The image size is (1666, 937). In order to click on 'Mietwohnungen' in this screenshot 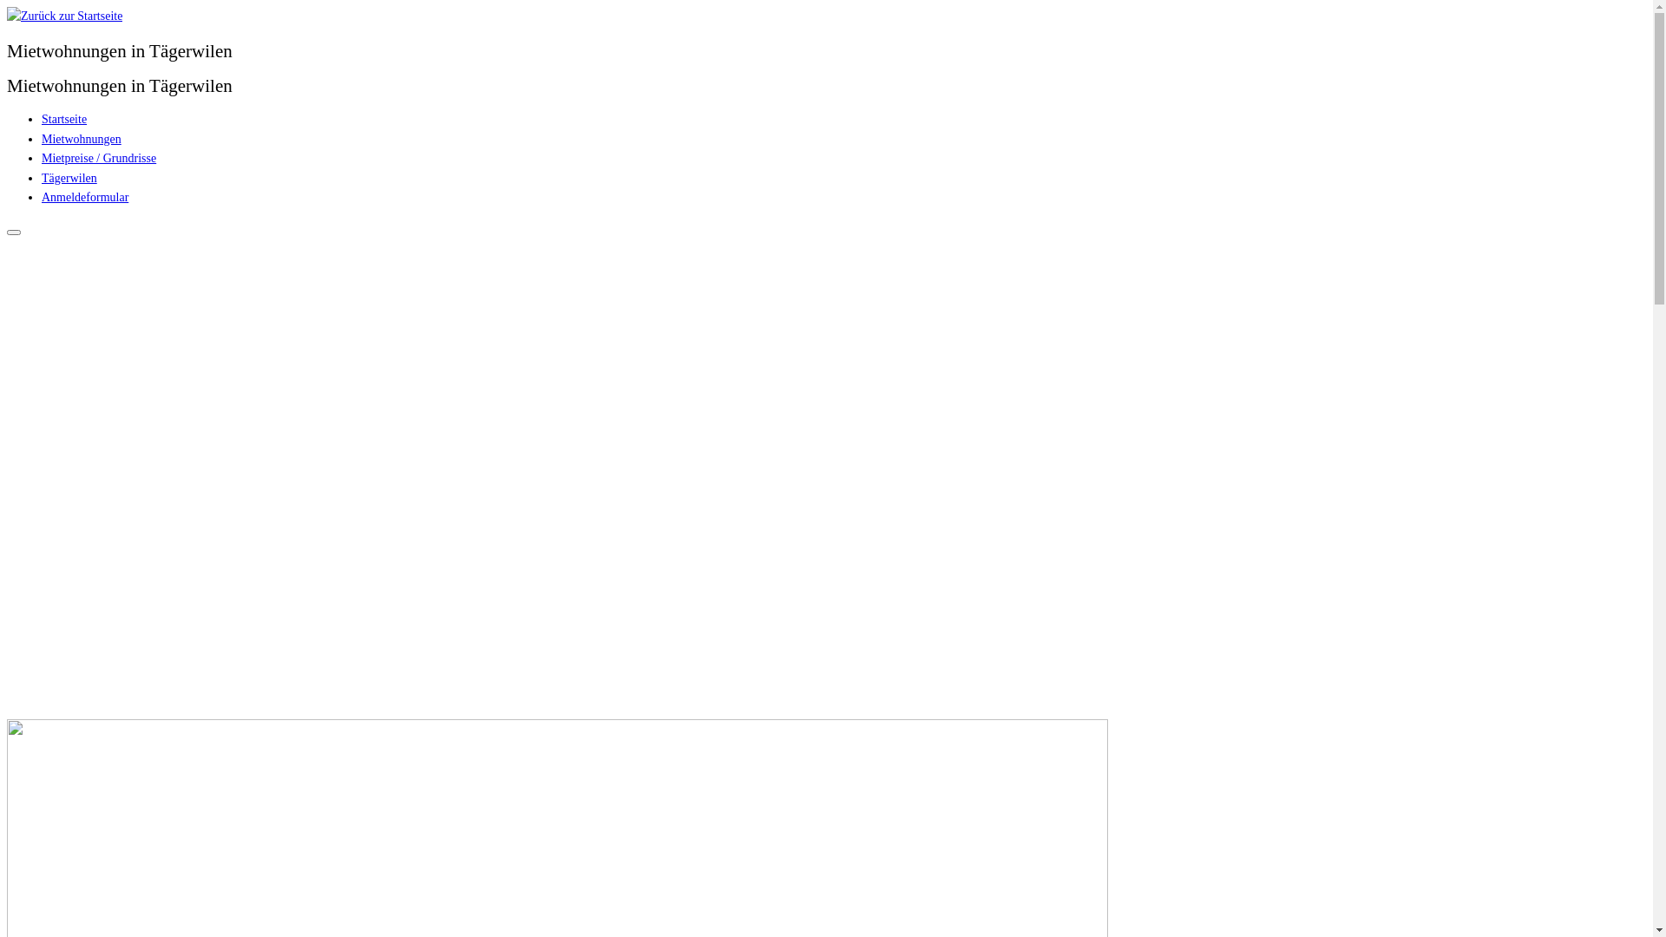, I will do `click(81, 138)`.